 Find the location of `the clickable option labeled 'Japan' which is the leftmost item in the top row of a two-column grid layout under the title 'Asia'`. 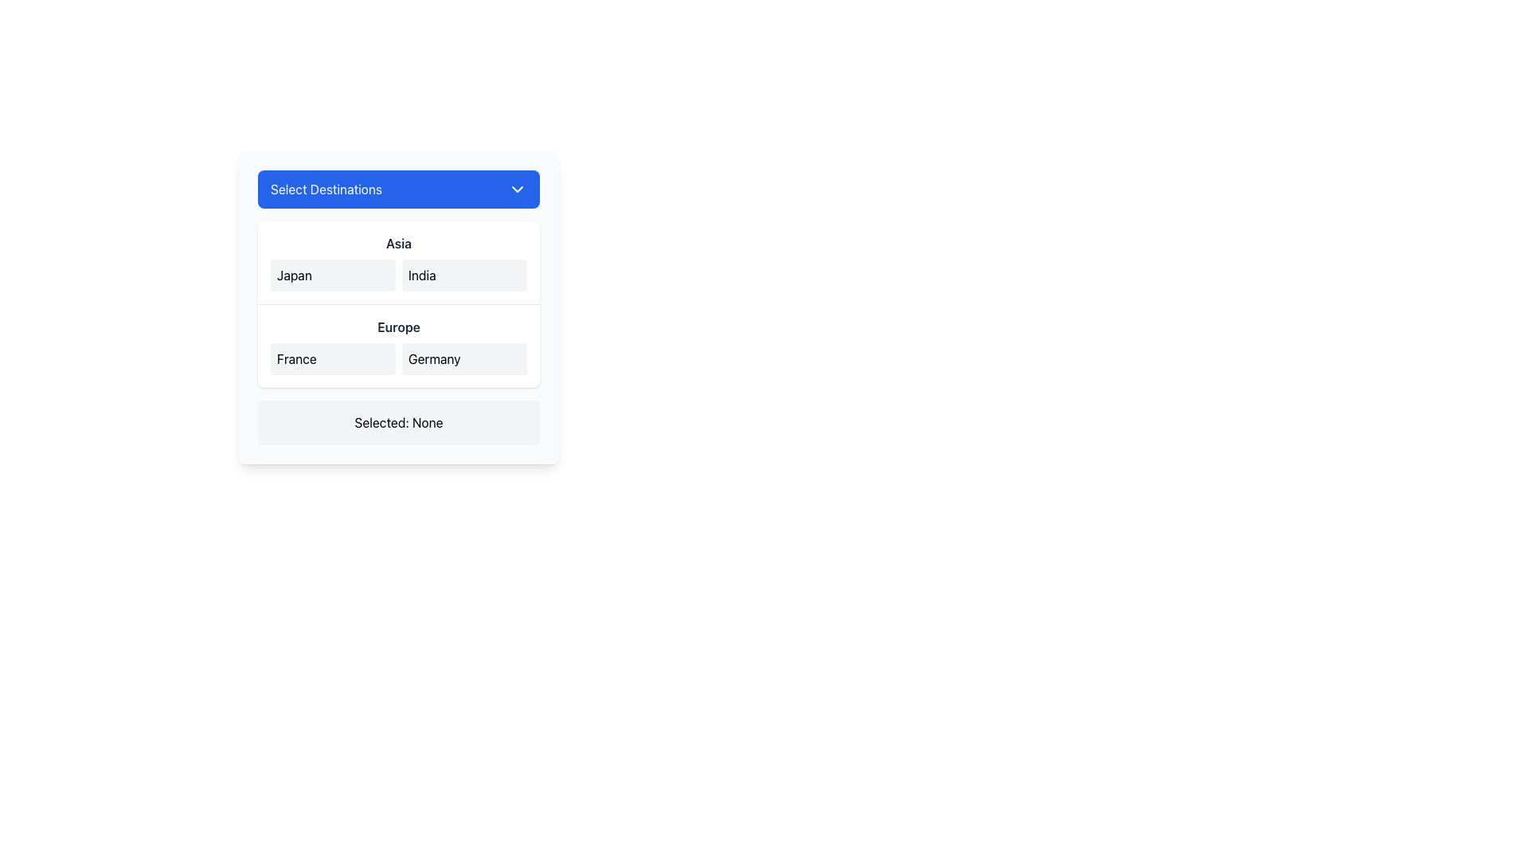

the clickable option labeled 'Japan' which is the leftmost item in the top row of a two-column grid layout under the title 'Asia' is located at coordinates (332, 275).